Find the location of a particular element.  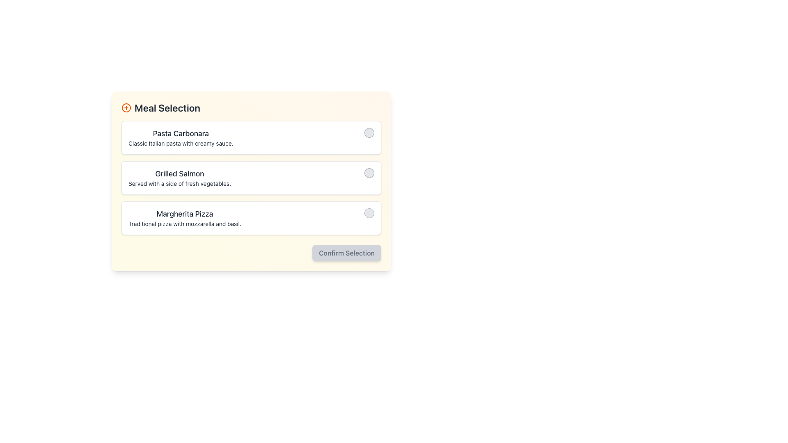

the first meal item text display, which provides details about the meal, located above 'Grilled Salmon' and 'Margherita Pizza' in the meal selection list is located at coordinates (180, 137).